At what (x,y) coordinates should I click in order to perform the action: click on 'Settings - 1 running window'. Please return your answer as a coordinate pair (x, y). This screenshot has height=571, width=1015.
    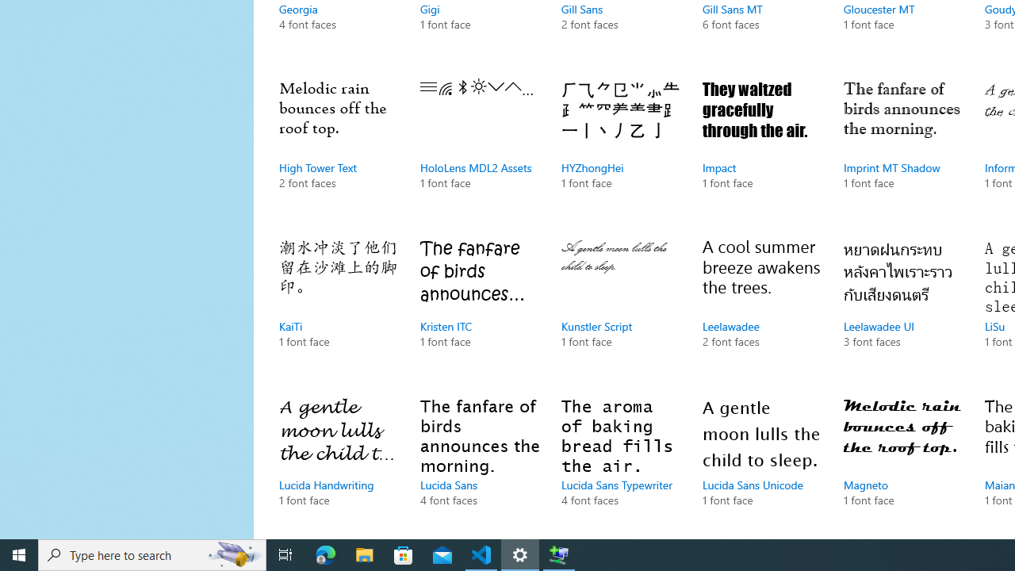
    Looking at the image, I should click on (520, 554).